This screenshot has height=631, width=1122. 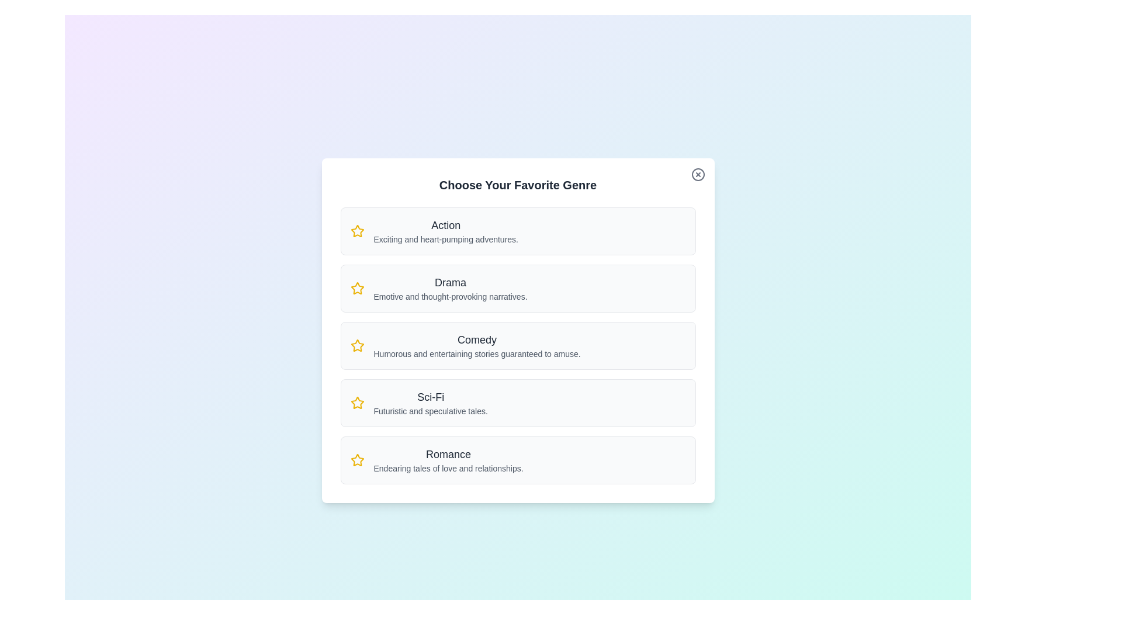 What do you see at coordinates (517, 459) in the screenshot?
I see `the card corresponding to the genre Romance` at bounding box center [517, 459].